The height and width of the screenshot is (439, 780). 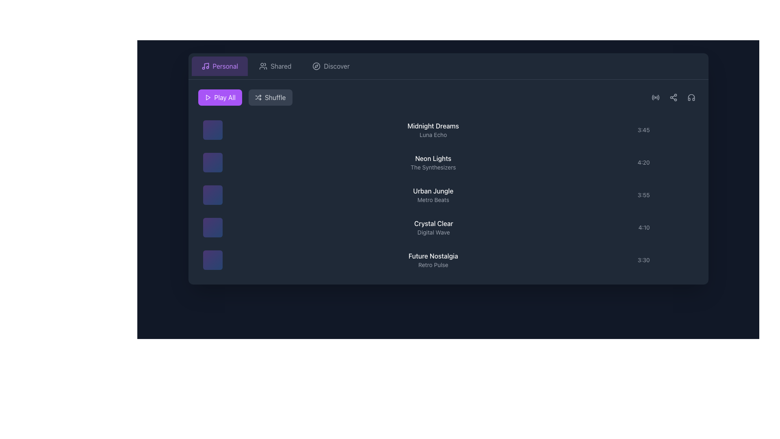 What do you see at coordinates (673, 97) in the screenshot?
I see `the second icon in the row of three icons at the top-right corner of the interface to invoke the share functionality` at bounding box center [673, 97].